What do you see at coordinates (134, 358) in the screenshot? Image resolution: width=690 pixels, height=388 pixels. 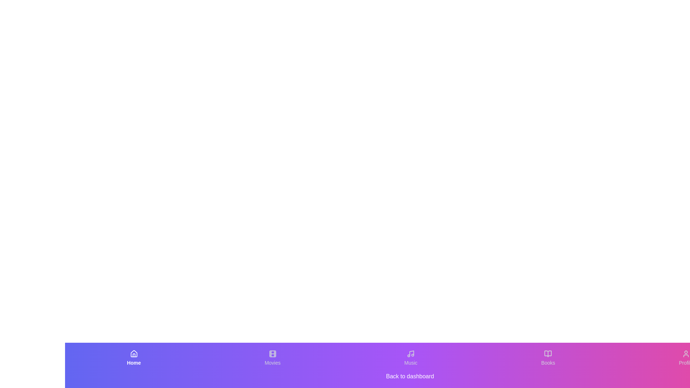 I see `the Home tab from the navigation bar` at bounding box center [134, 358].